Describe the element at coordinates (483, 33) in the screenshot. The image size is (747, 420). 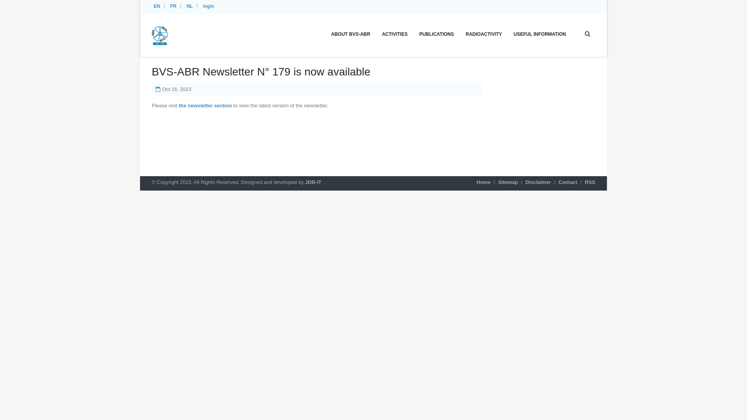
I see `'RADIOACTIVITY'` at that location.